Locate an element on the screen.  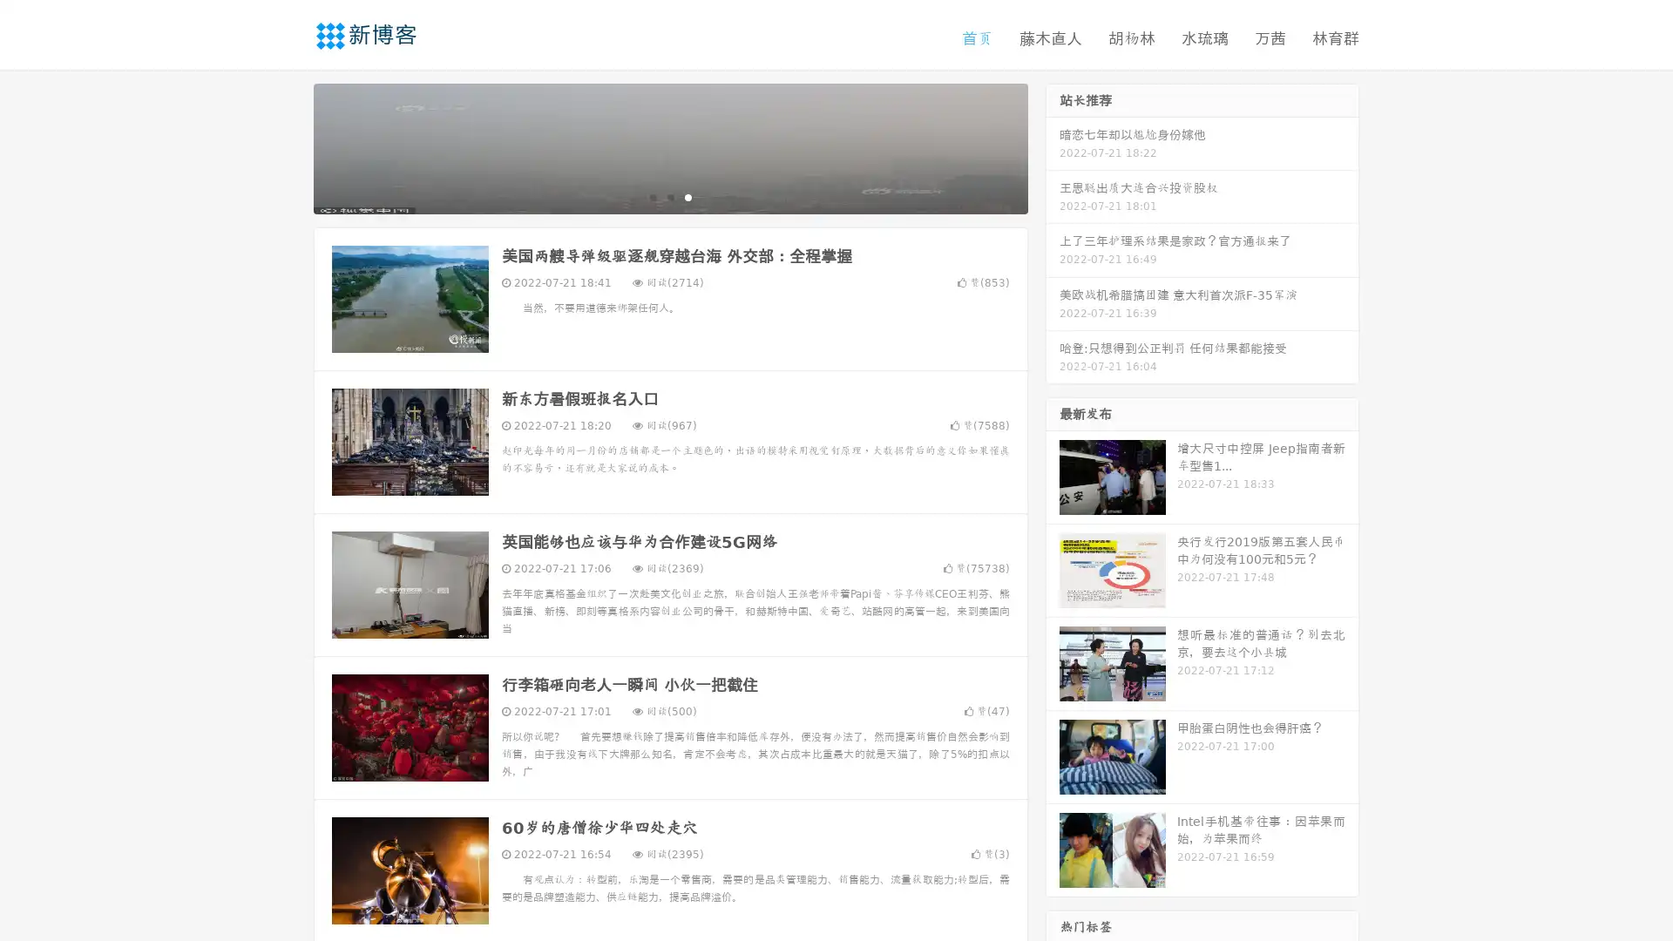
Go to slide 2 is located at coordinates (669, 196).